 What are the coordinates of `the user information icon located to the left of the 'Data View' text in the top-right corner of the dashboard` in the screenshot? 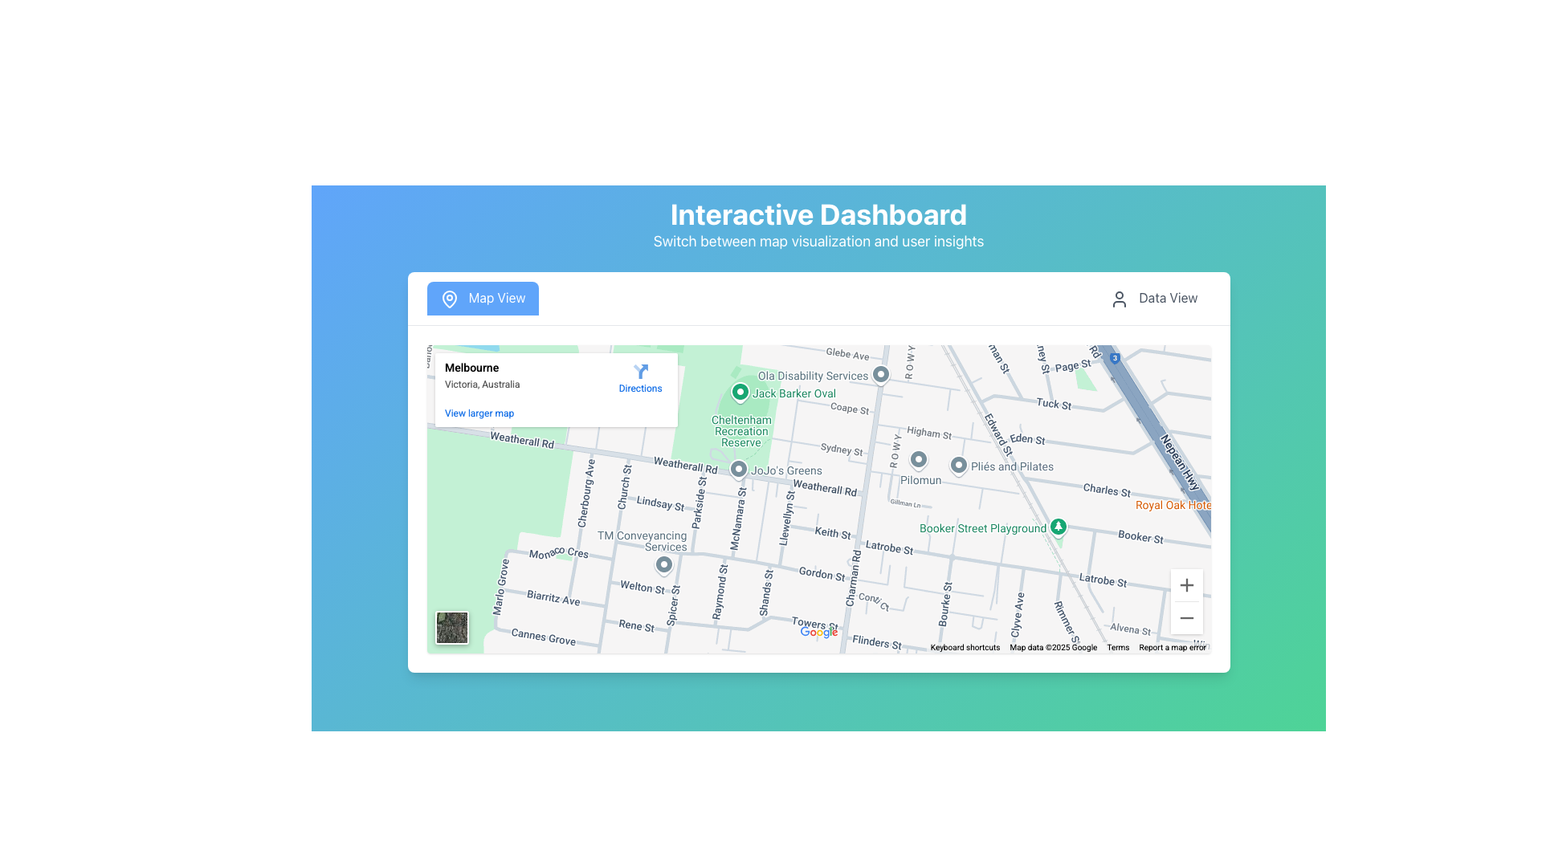 It's located at (1119, 299).